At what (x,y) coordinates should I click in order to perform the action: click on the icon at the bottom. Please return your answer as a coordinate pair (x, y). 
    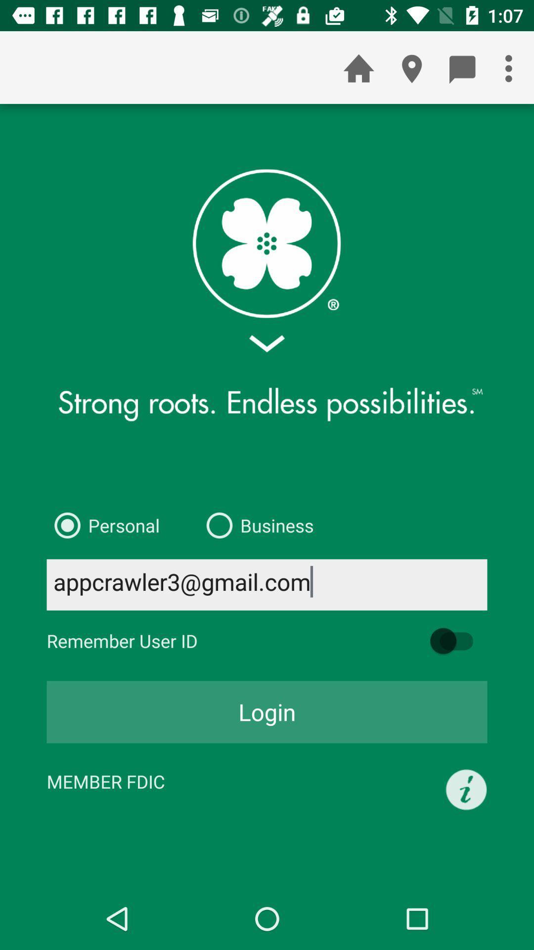
    Looking at the image, I should click on (267, 712).